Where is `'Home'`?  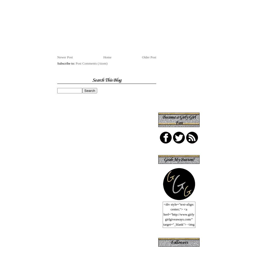 'Home' is located at coordinates (107, 57).